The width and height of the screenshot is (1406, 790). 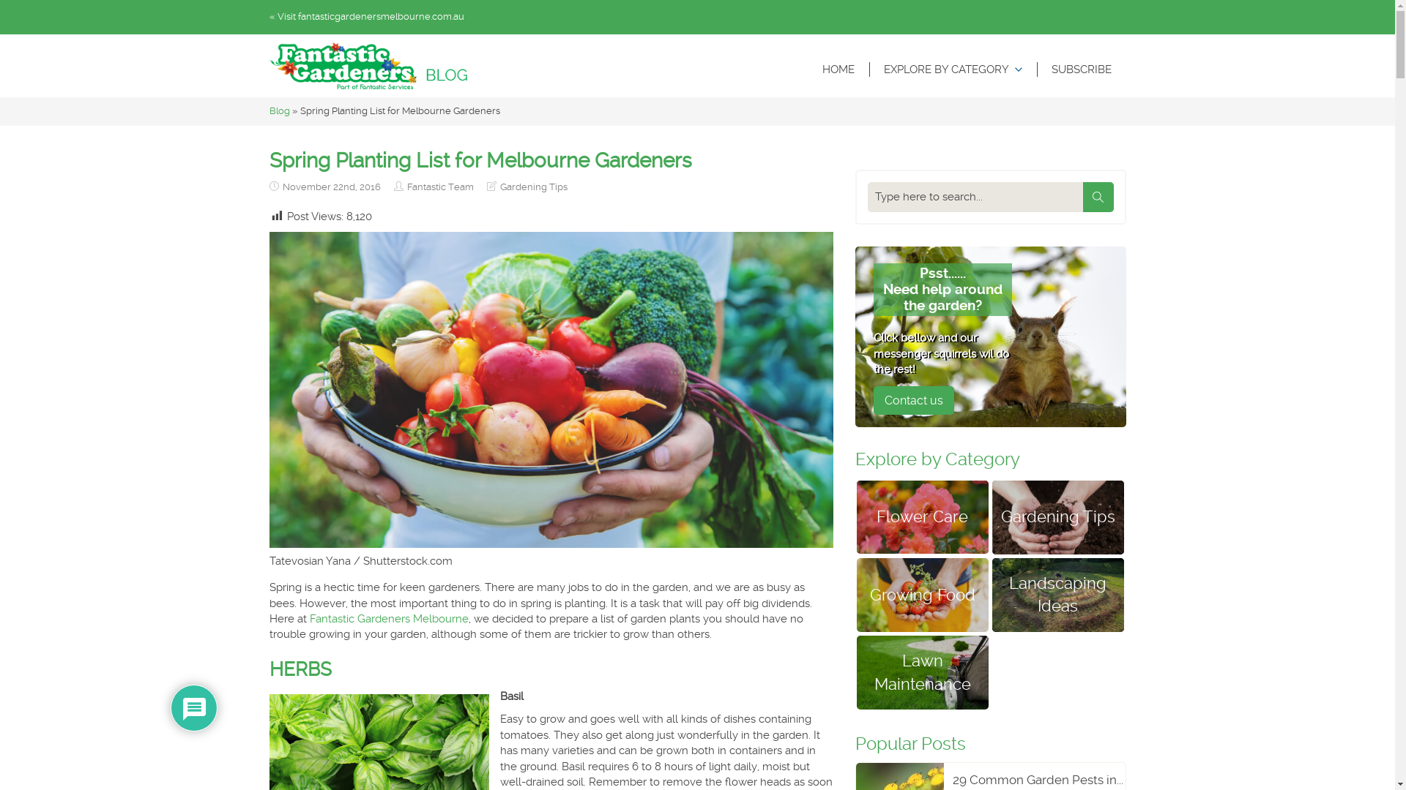 What do you see at coordinates (837, 69) in the screenshot?
I see `'HOME'` at bounding box center [837, 69].